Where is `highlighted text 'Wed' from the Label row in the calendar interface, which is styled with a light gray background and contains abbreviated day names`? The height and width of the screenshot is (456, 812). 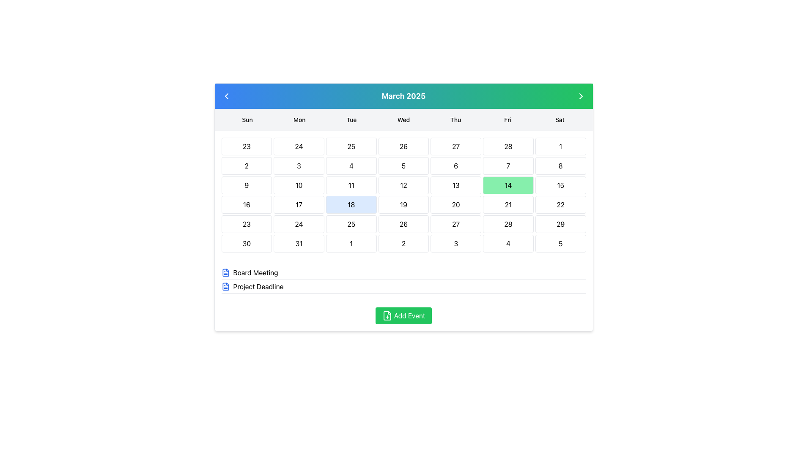 highlighted text 'Wed' from the Label row in the calendar interface, which is styled with a light gray background and contains abbreviated day names is located at coordinates (403, 120).